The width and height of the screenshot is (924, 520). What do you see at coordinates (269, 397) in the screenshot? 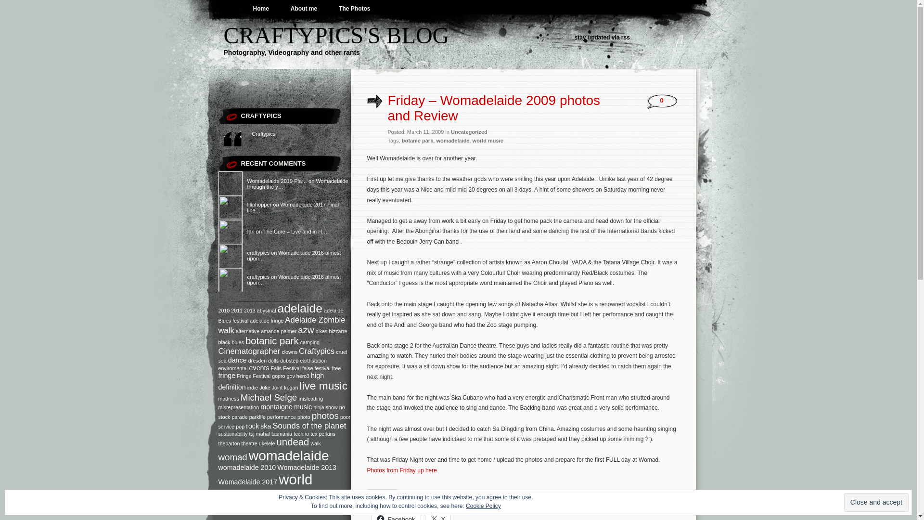
I see `'Michael Selge'` at bounding box center [269, 397].